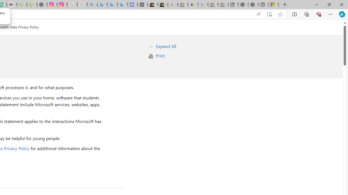  I want to click on 'Nordace - Nordace Edin Collection', so click(42, 5).